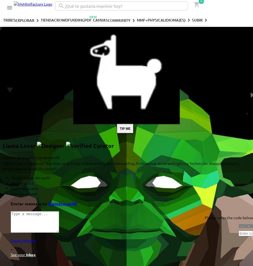  What do you see at coordinates (25, 20) in the screenshot?
I see `'Explorar'` at bounding box center [25, 20].